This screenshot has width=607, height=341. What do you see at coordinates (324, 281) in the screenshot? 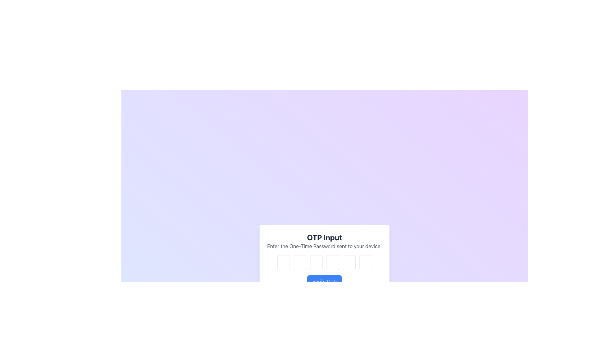
I see `the 'Verify OTP' button, which is a rectangular button with a blue background and white bold text, located centrally near the bottom of the OTP input form` at bounding box center [324, 281].